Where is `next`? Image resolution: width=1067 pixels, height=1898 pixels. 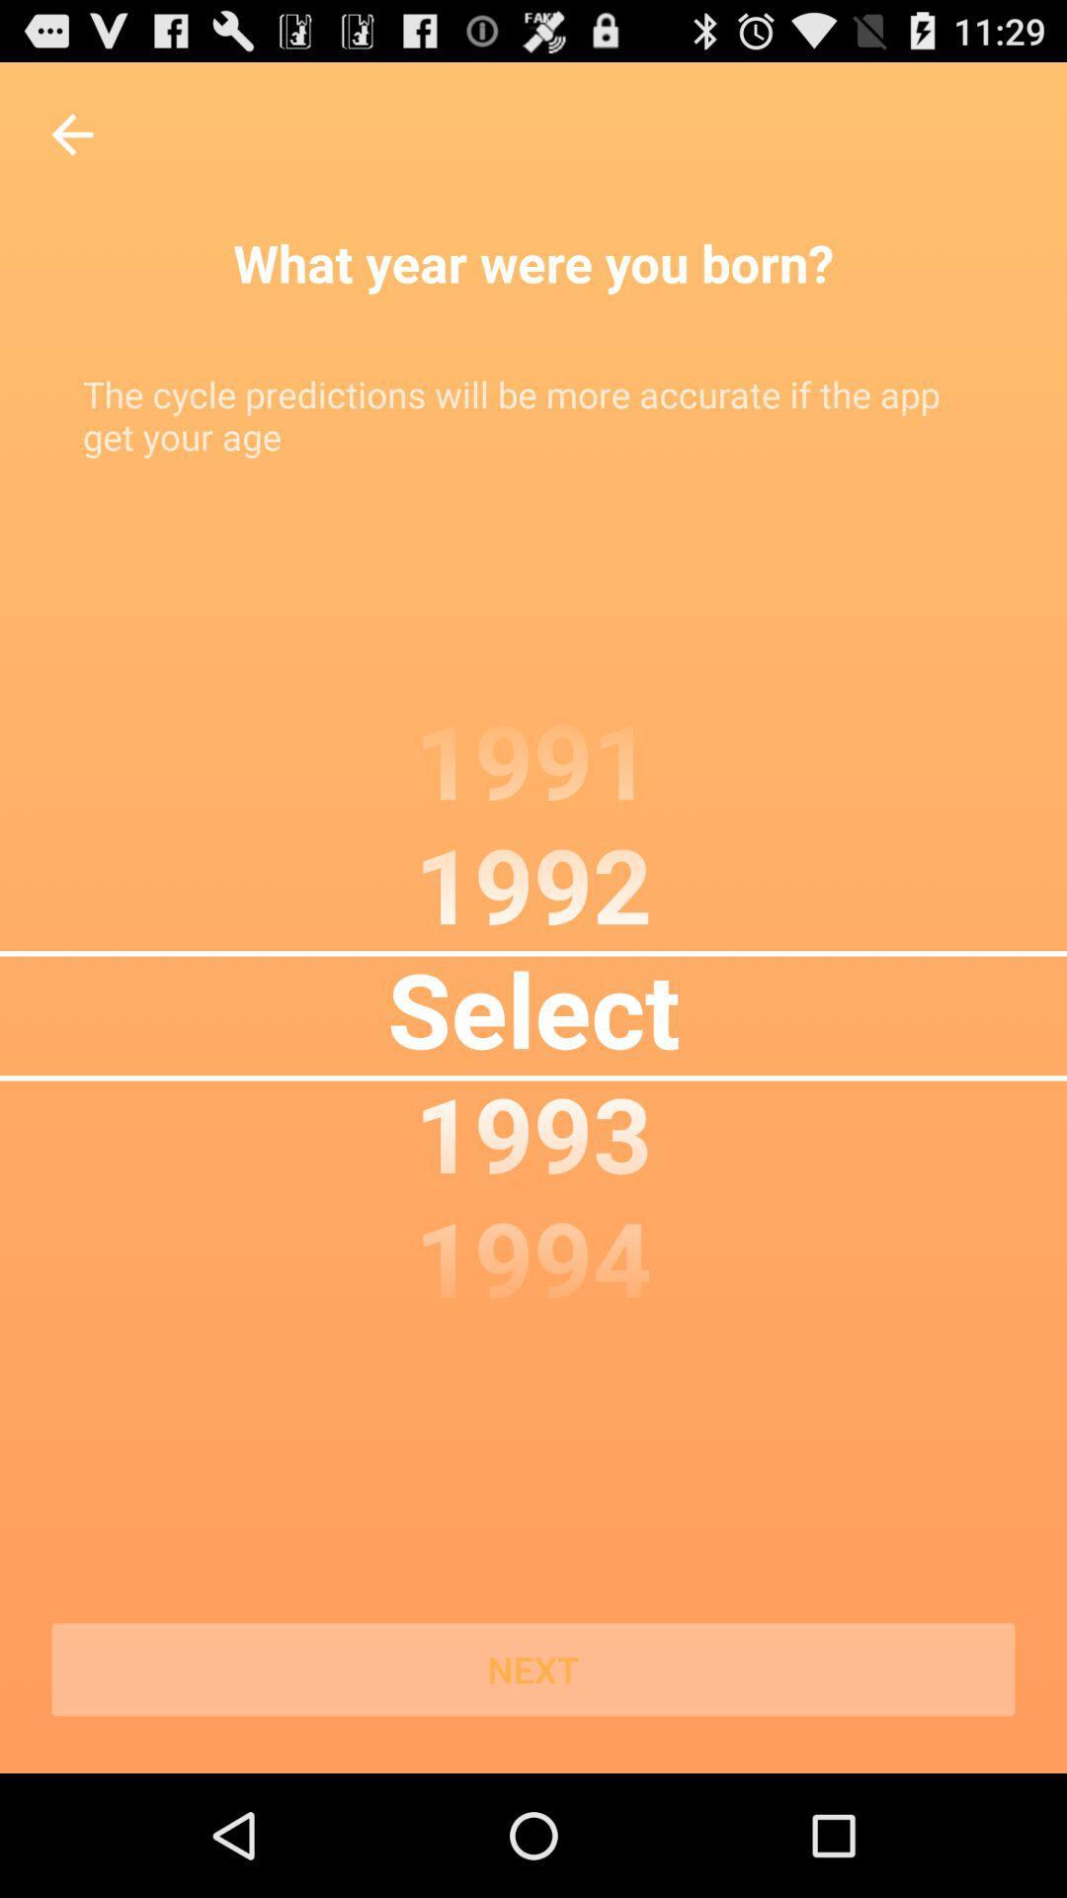
next is located at coordinates (533, 1669).